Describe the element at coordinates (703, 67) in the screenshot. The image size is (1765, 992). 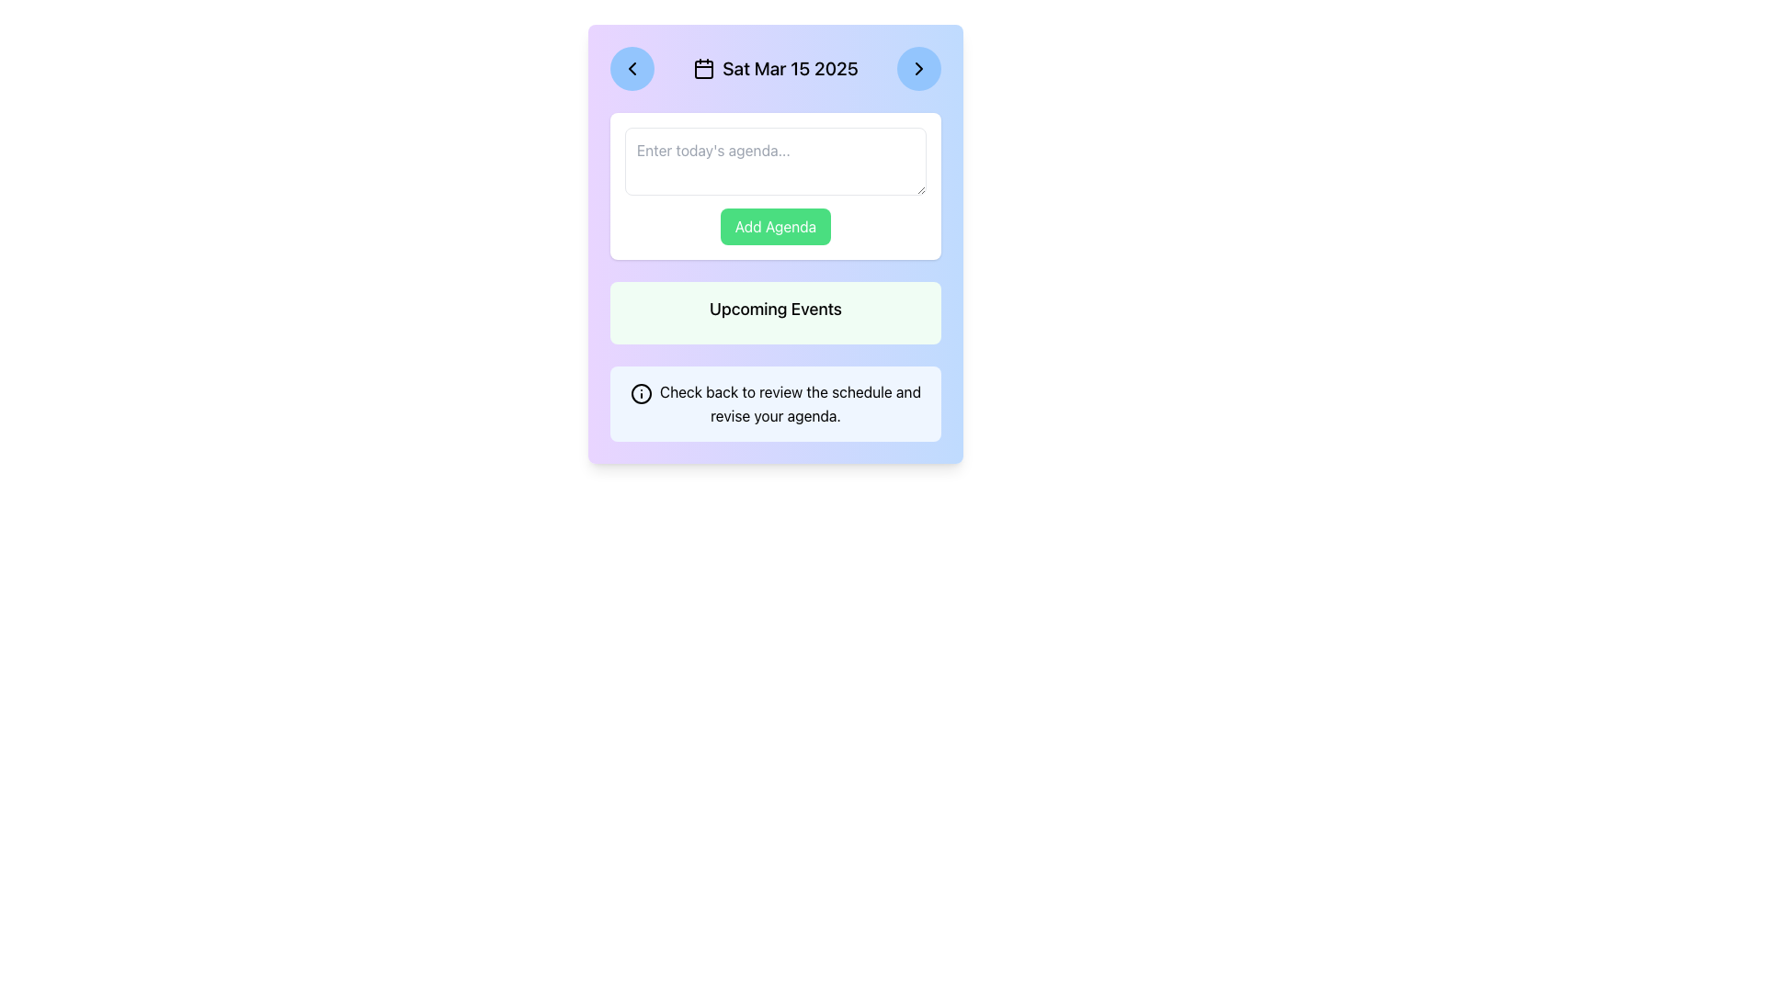
I see `the minimalist black calendar icon located to the left of the date label 'Sat Mar 15 2025' in the header section` at that location.